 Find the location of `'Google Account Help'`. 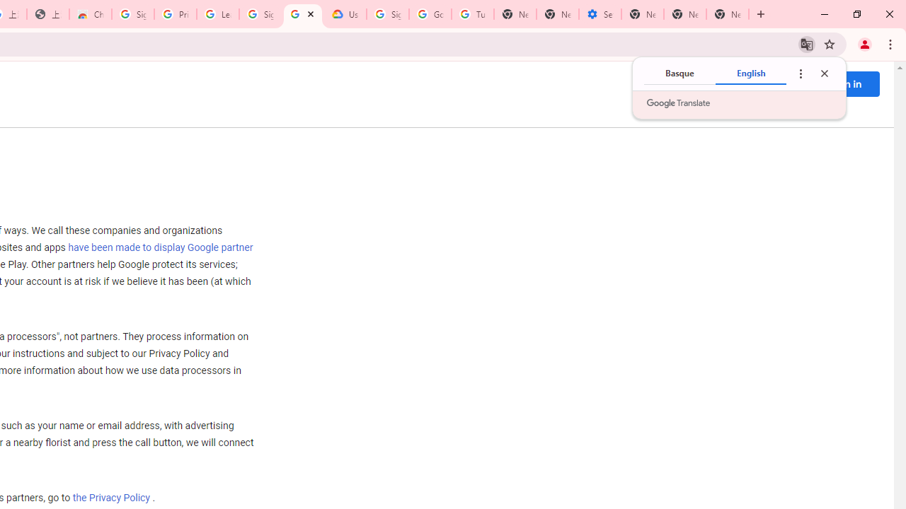

'Google Account Help' is located at coordinates (430, 14).